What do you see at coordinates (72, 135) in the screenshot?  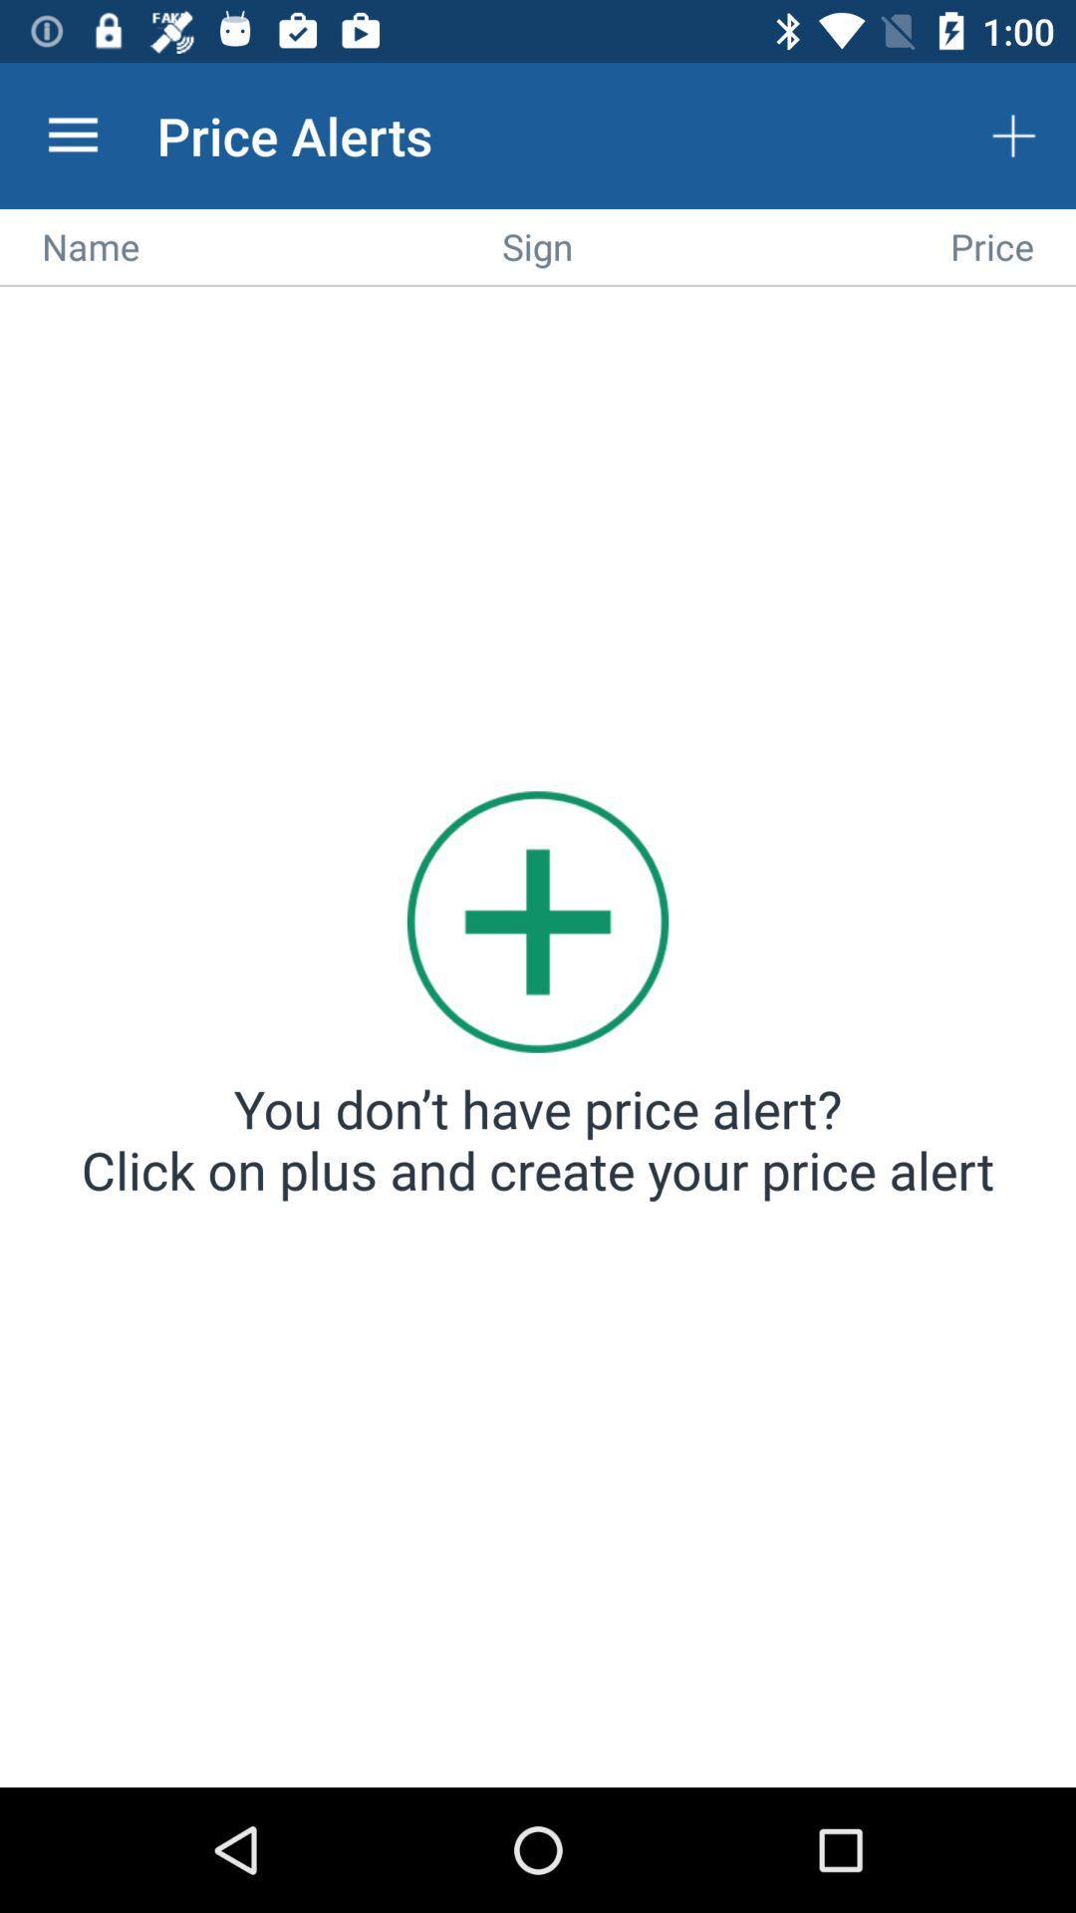 I see `the app to the left of the price alerts icon` at bounding box center [72, 135].